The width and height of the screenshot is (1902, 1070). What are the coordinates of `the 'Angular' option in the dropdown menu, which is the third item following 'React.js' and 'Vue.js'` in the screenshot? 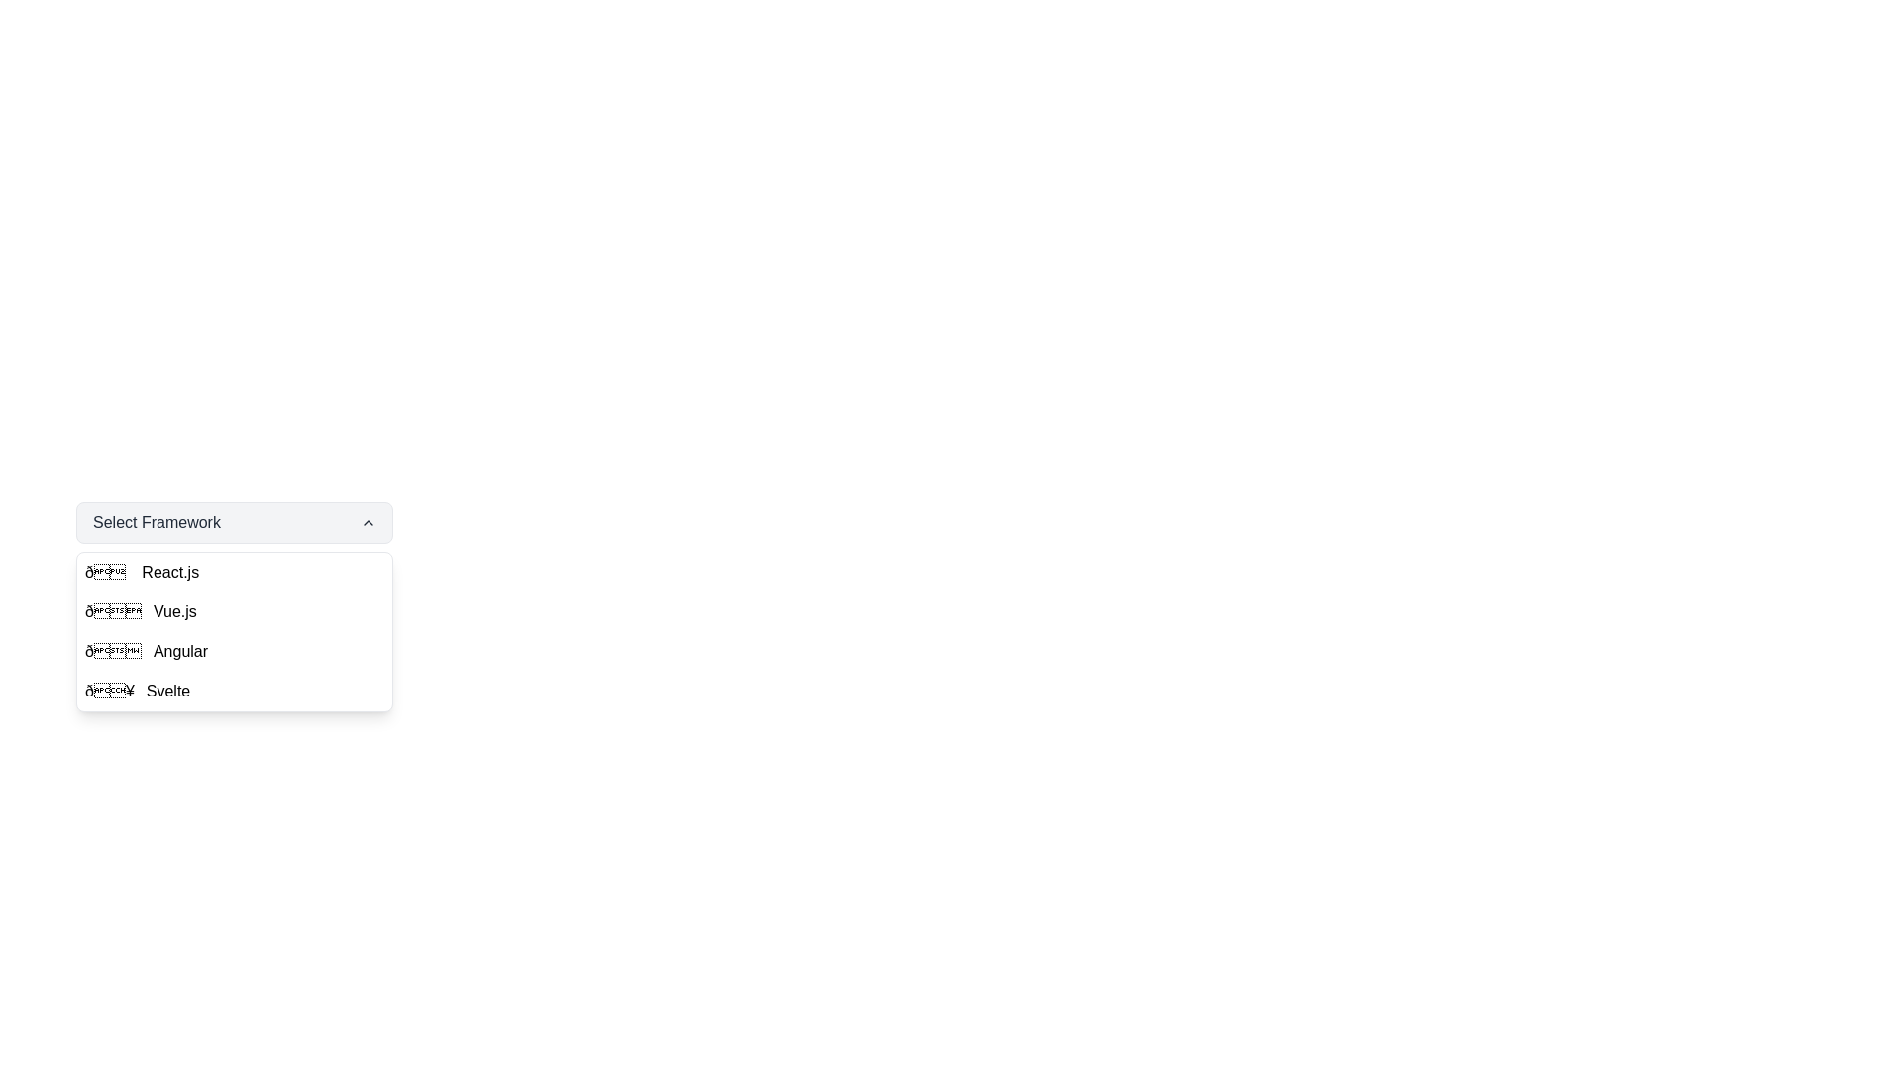 It's located at (234, 652).